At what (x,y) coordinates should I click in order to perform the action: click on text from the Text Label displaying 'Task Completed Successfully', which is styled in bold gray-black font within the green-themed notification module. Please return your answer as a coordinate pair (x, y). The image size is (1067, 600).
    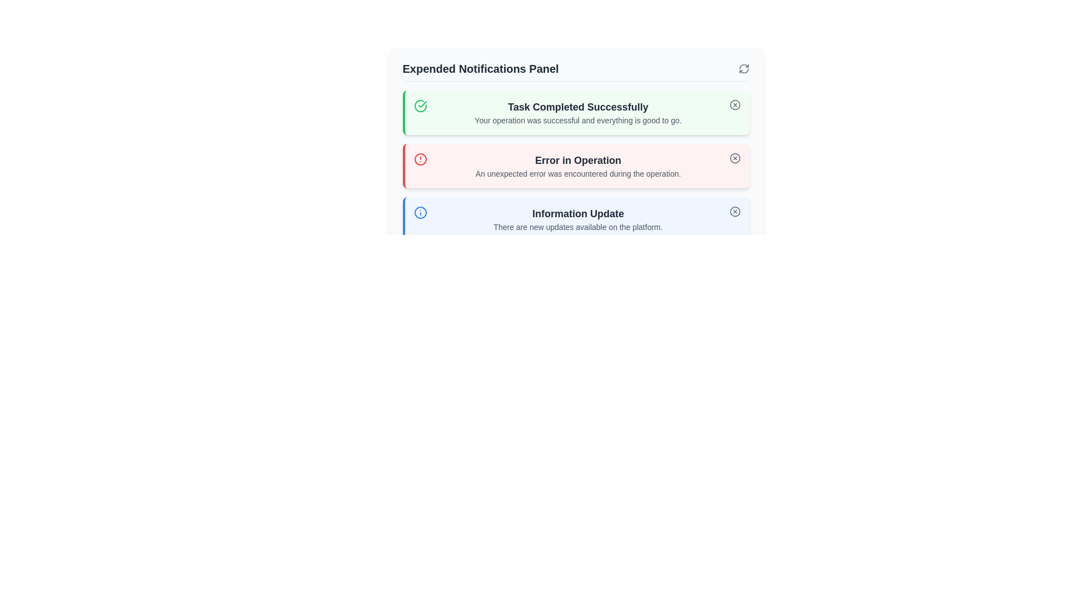
    Looking at the image, I should click on (578, 107).